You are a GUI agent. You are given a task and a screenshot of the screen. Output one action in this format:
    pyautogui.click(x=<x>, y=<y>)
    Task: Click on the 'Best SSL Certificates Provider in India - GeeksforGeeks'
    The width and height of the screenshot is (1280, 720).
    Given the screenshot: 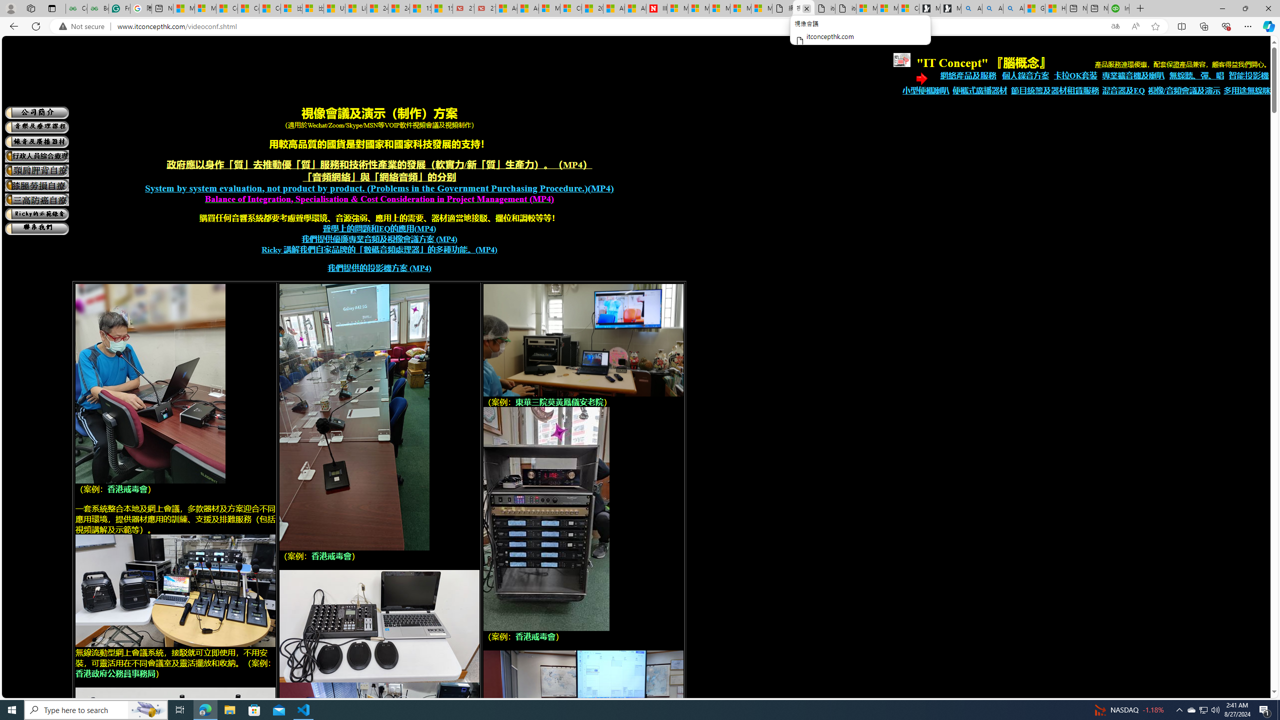 What is the action you would take?
    pyautogui.click(x=97, y=8)
    